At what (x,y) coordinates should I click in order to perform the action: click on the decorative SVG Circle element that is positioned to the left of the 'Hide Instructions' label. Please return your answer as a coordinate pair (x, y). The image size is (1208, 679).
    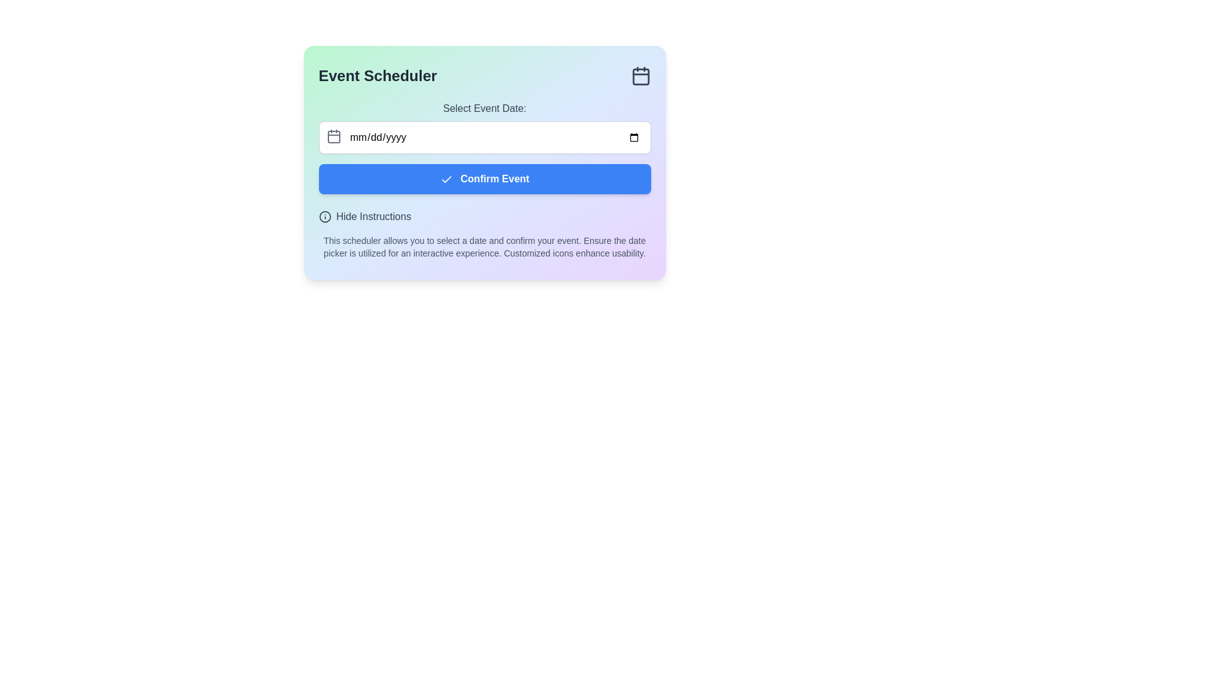
    Looking at the image, I should click on (325, 216).